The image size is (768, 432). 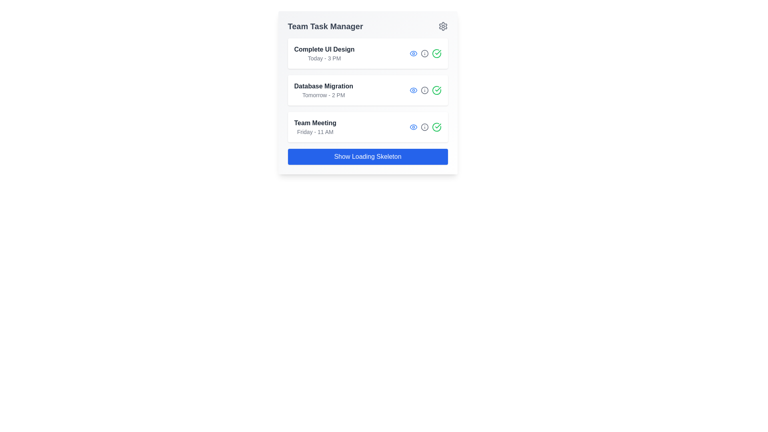 What do you see at coordinates (442, 26) in the screenshot?
I see `the settings cogwheel icon located in the top right corner of the 'Team Task Manager' panel` at bounding box center [442, 26].